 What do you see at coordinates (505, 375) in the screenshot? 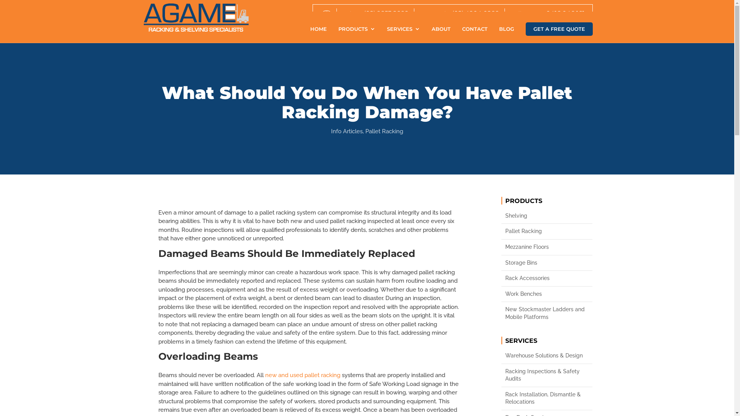
I see `'Racking Inspections & Safety Audits'` at bounding box center [505, 375].